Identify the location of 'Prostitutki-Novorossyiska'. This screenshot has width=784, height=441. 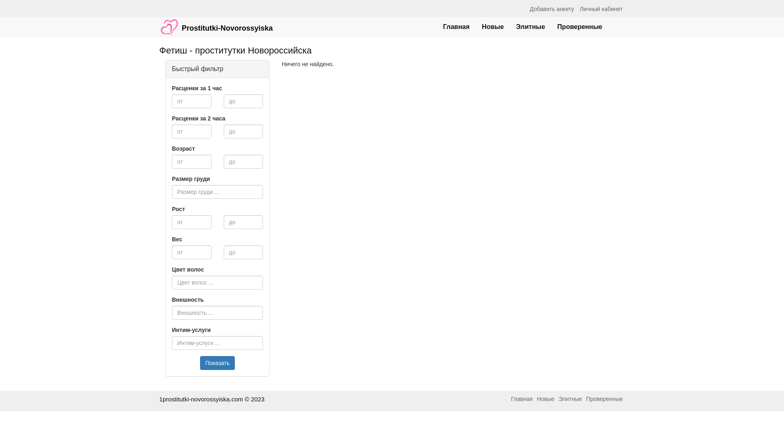
(216, 23).